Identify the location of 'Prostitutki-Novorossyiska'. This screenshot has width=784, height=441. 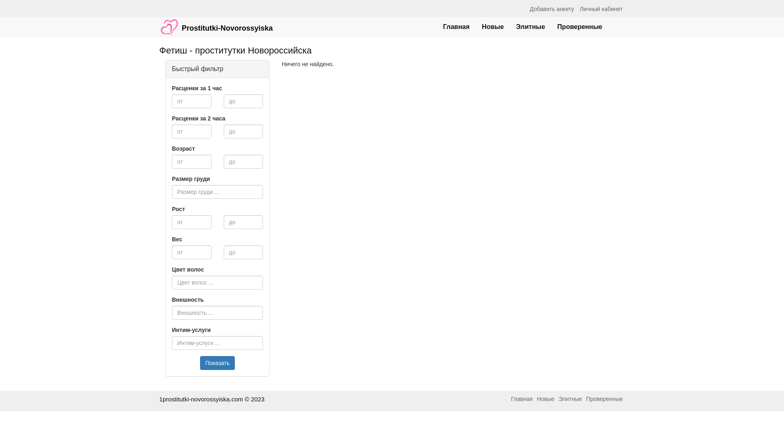
(216, 23).